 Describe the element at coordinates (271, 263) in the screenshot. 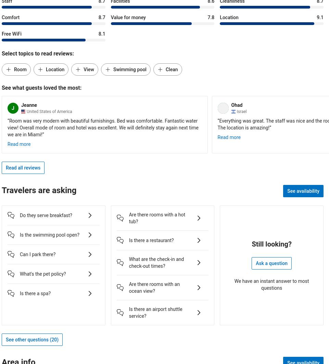

I see `'Ask a question'` at that location.